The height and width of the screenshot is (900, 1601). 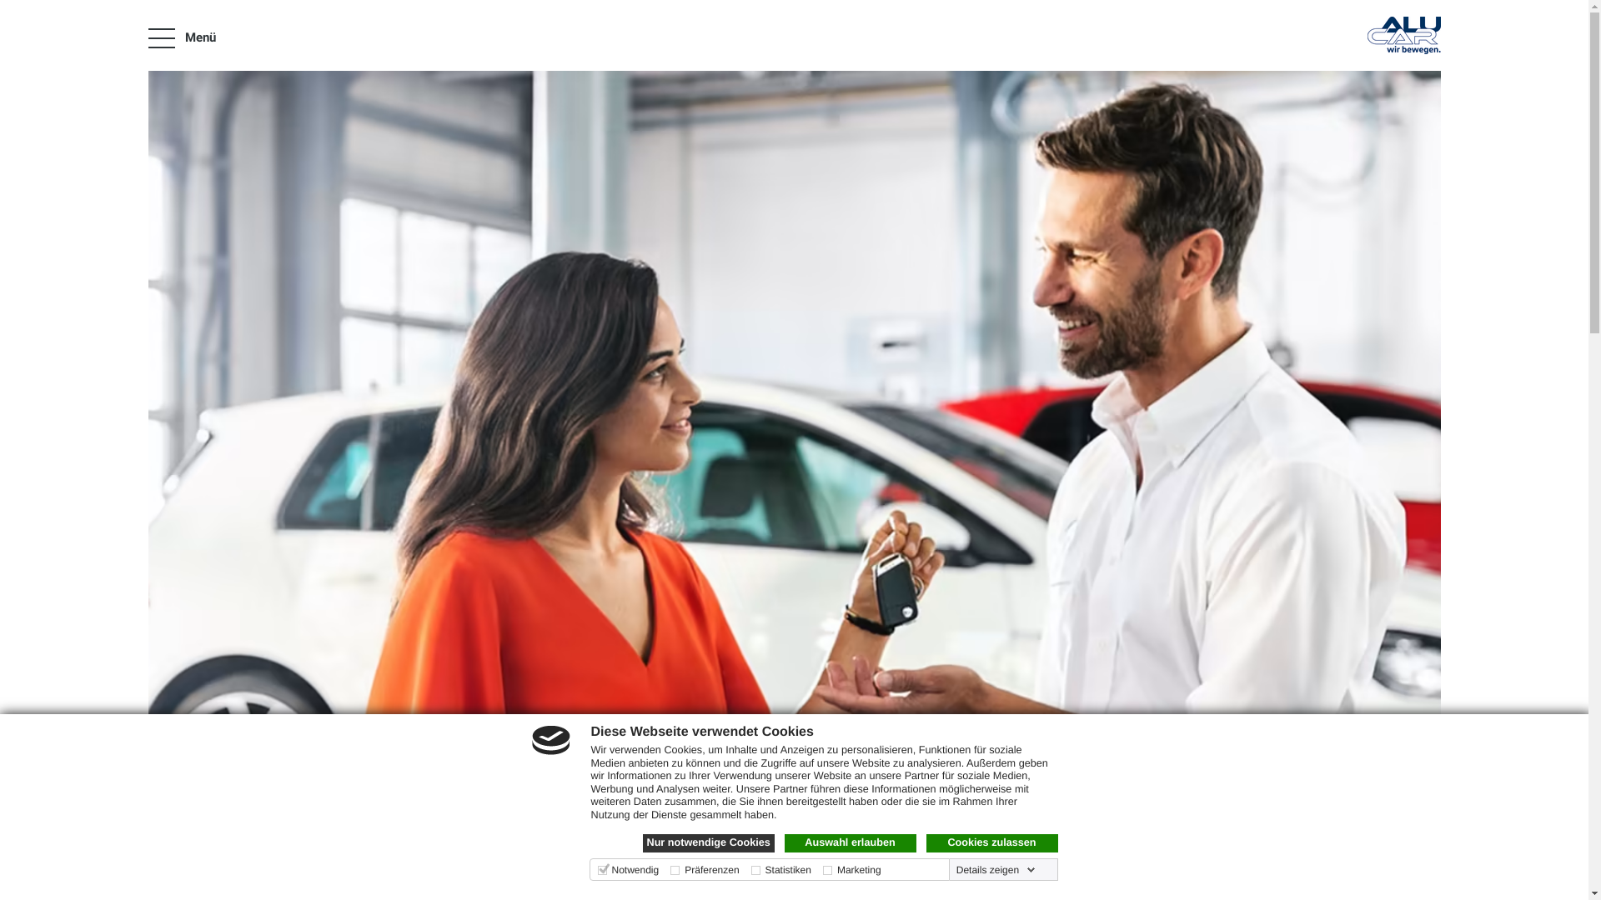 What do you see at coordinates (996, 869) in the screenshot?
I see `'Details zeigen'` at bounding box center [996, 869].